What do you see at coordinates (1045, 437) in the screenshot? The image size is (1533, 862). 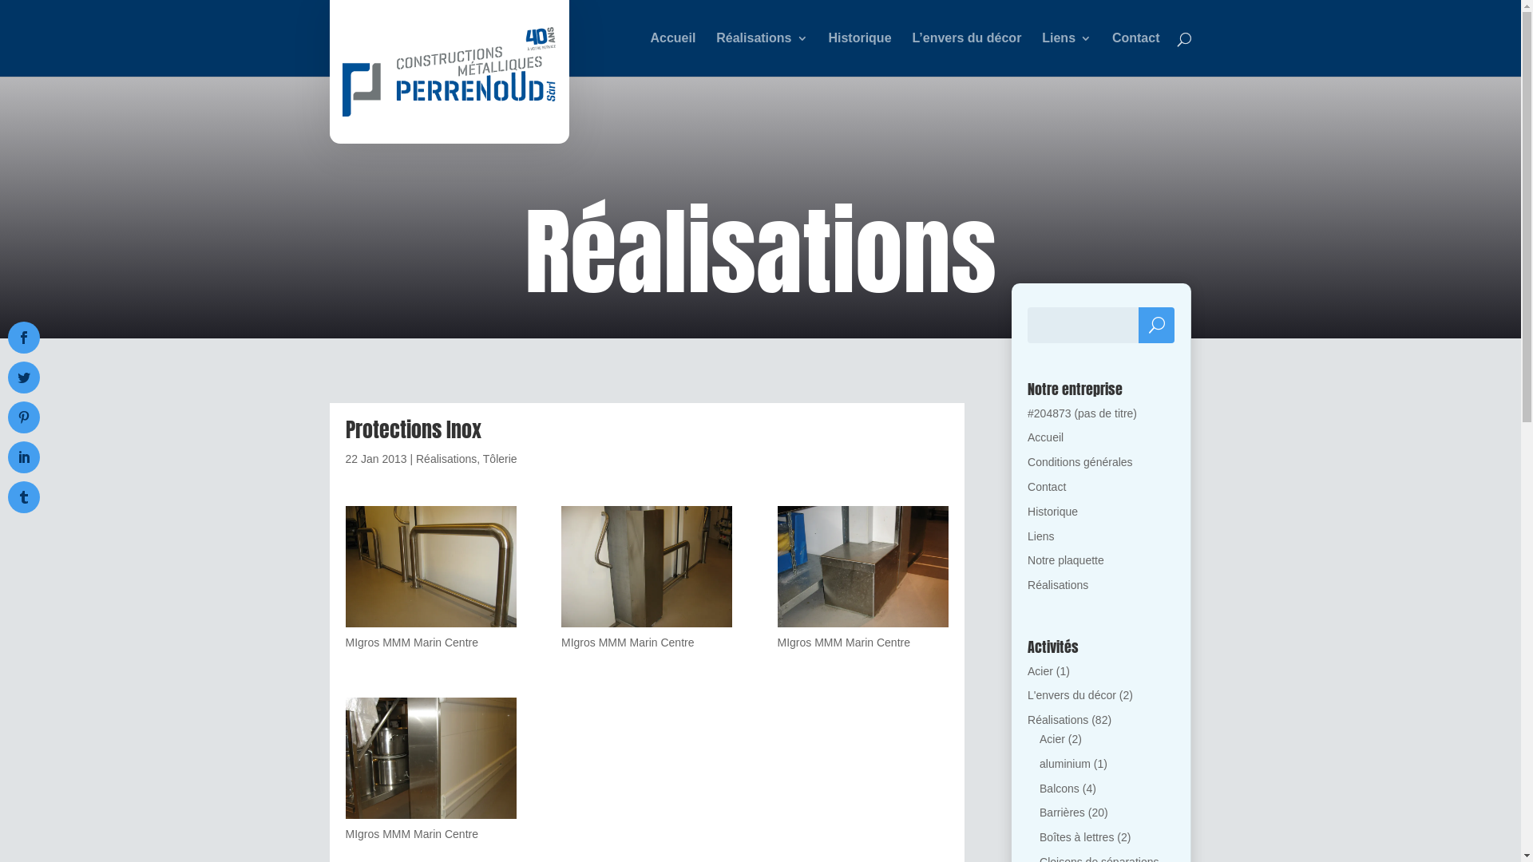 I see `'Accueil'` at bounding box center [1045, 437].